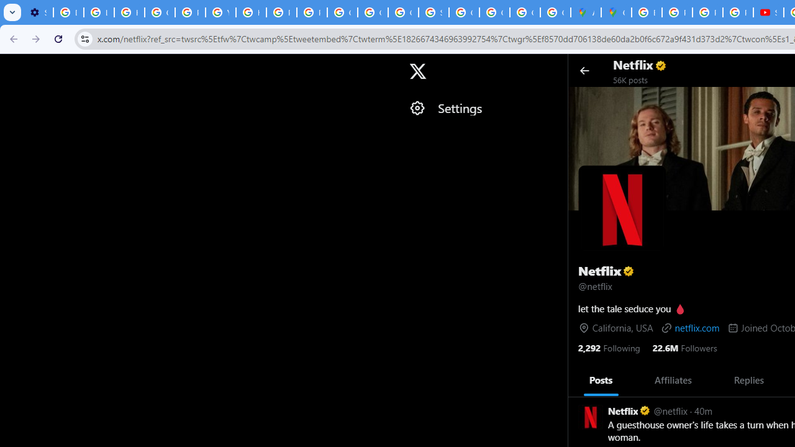 The image size is (795, 447). Describe the element at coordinates (417, 71) in the screenshot. I see `'X'` at that location.